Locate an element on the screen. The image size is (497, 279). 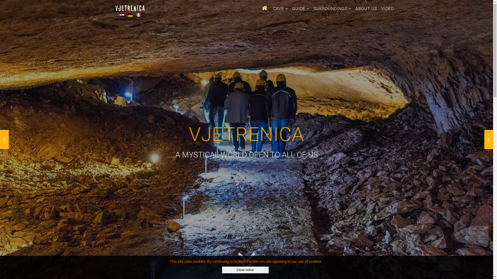
'CAVE' is located at coordinates (280, 9).